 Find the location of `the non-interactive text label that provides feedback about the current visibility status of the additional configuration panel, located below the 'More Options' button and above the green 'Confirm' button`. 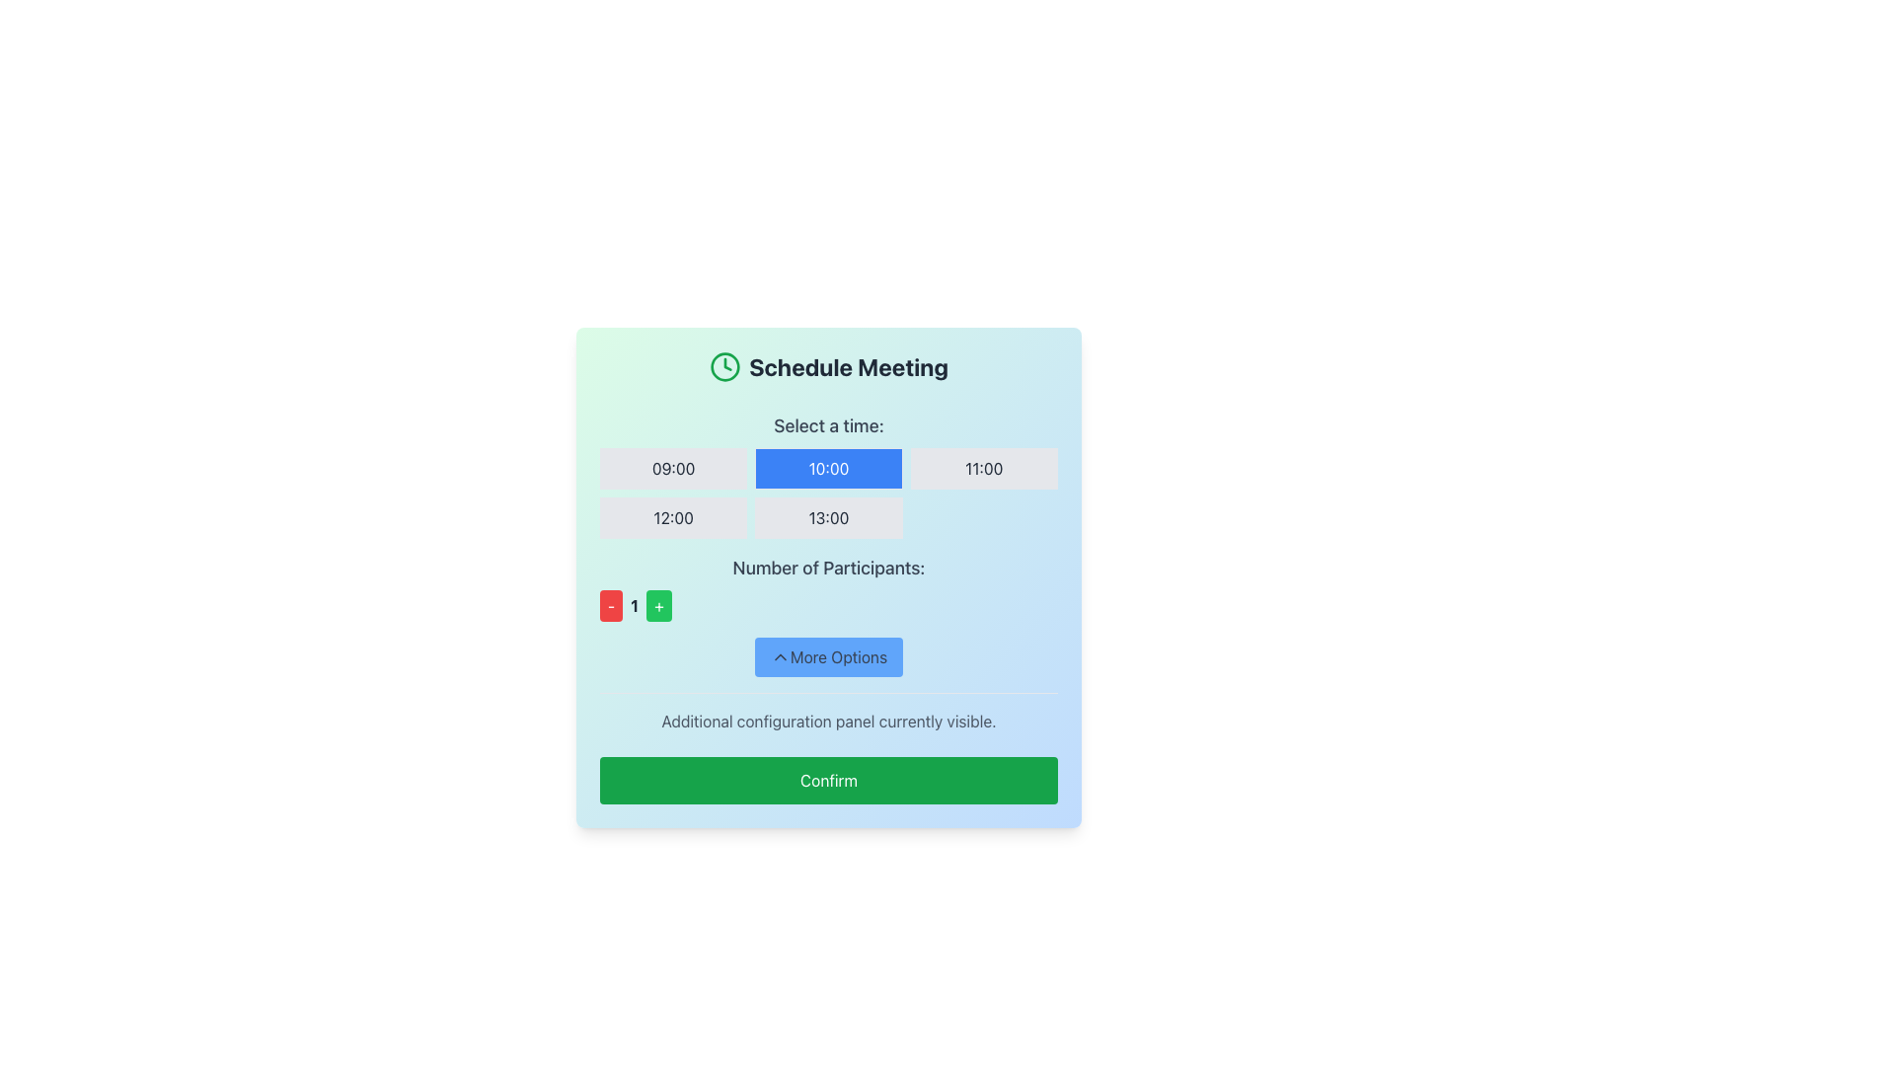

the non-interactive text label that provides feedback about the current visibility status of the additional configuration panel, located below the 'More Options' button and above the green 'Confirm' button is located at coordinates (829, 722).